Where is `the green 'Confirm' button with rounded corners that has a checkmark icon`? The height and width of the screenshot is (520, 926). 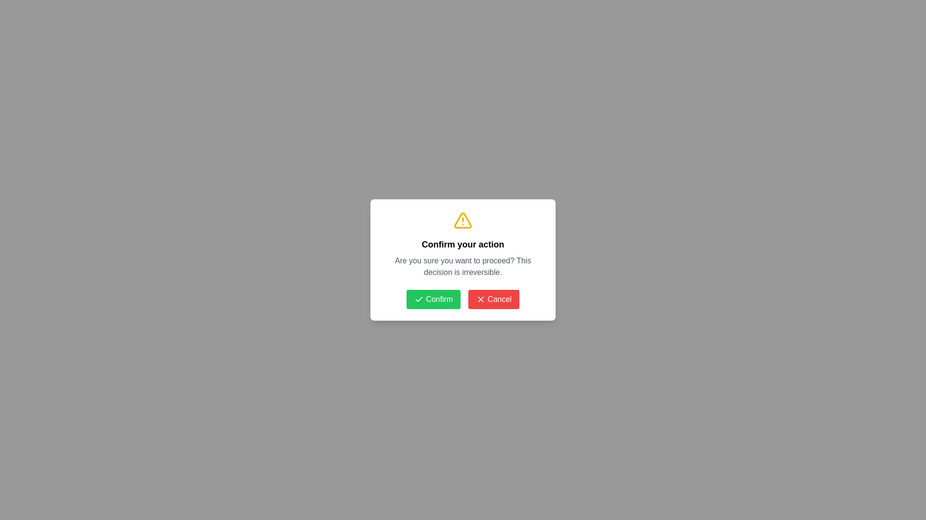
the green 'Confirm' button with rounded corners that has a checkmark icon is located at coordinates (433, 299).